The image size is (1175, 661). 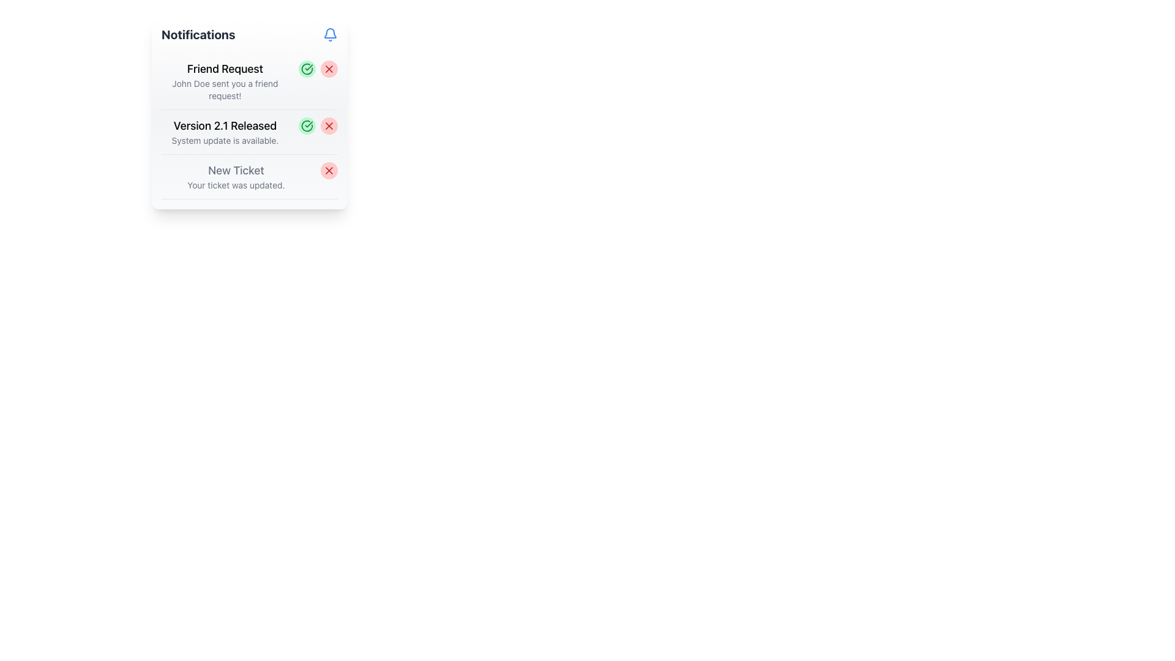 What do you see at coordinates (225, 140) in the screenshot?
I see `the Text Label that provides contextual information below the 'Version 2.1 Released' notification` at bounding box center [225, 140].